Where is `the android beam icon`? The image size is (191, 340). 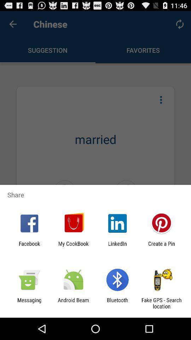
the android beam icon is located at coordinates (73, 303).